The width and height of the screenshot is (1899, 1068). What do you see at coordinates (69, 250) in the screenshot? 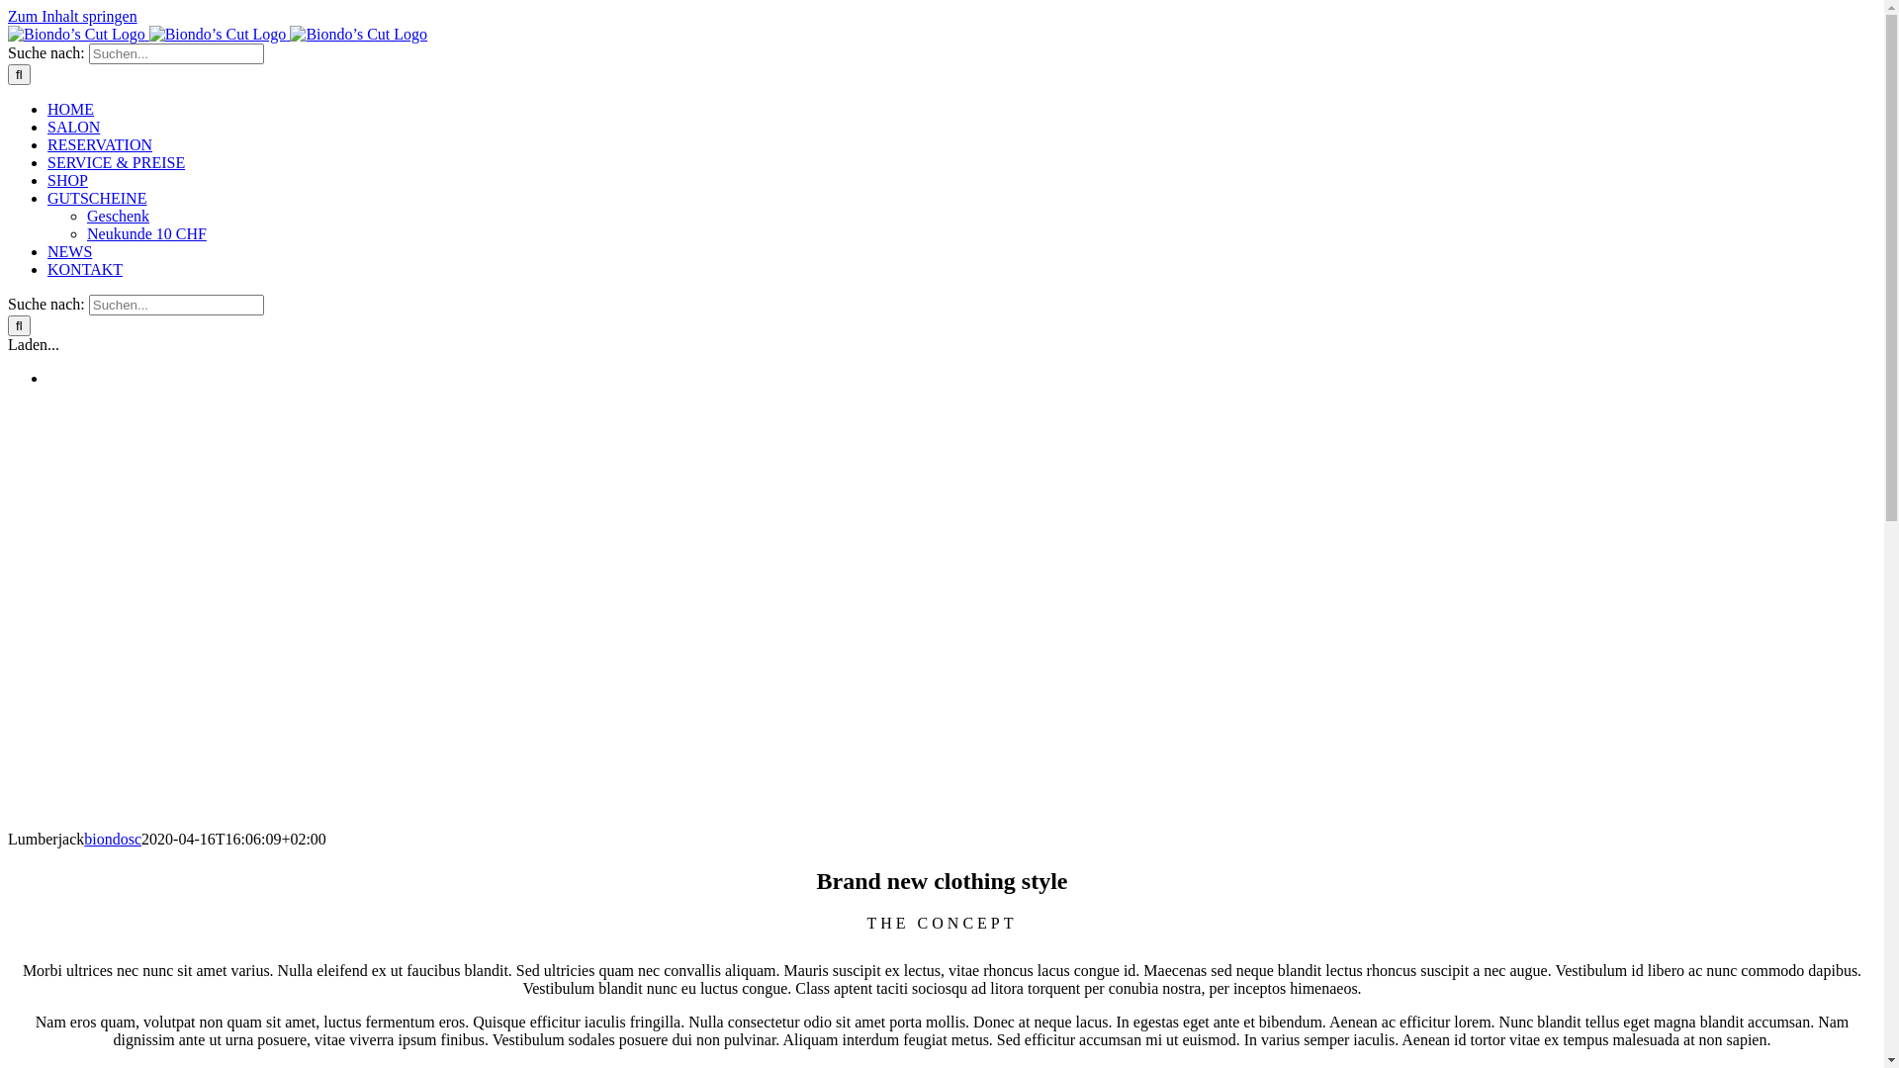
I see `'NEWS'` at bounding box center [69, 250].